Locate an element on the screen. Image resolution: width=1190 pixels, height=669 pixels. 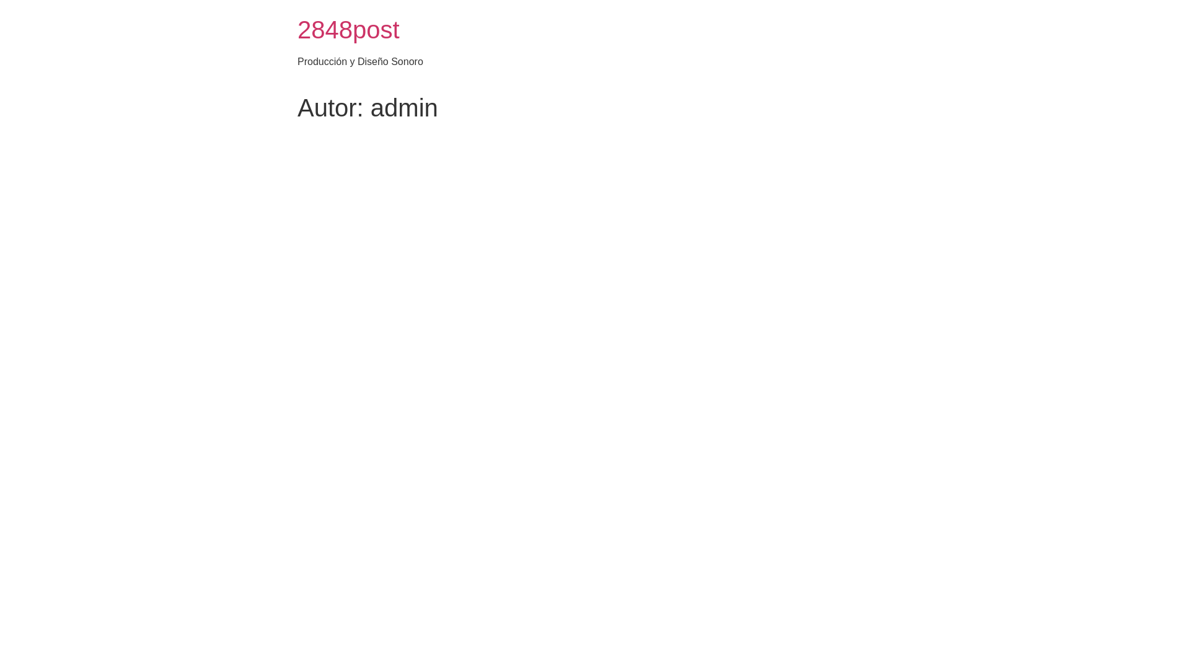
'2848post' is located at coordinates (348, 28).